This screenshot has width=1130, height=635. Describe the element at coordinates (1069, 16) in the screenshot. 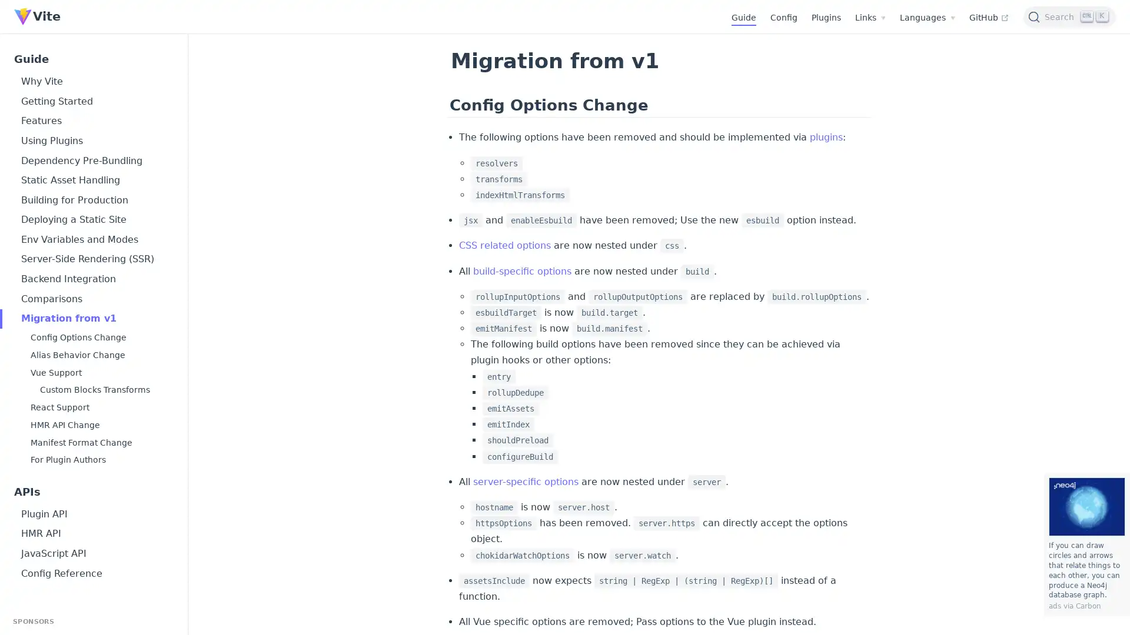

I see `Search` at that location.